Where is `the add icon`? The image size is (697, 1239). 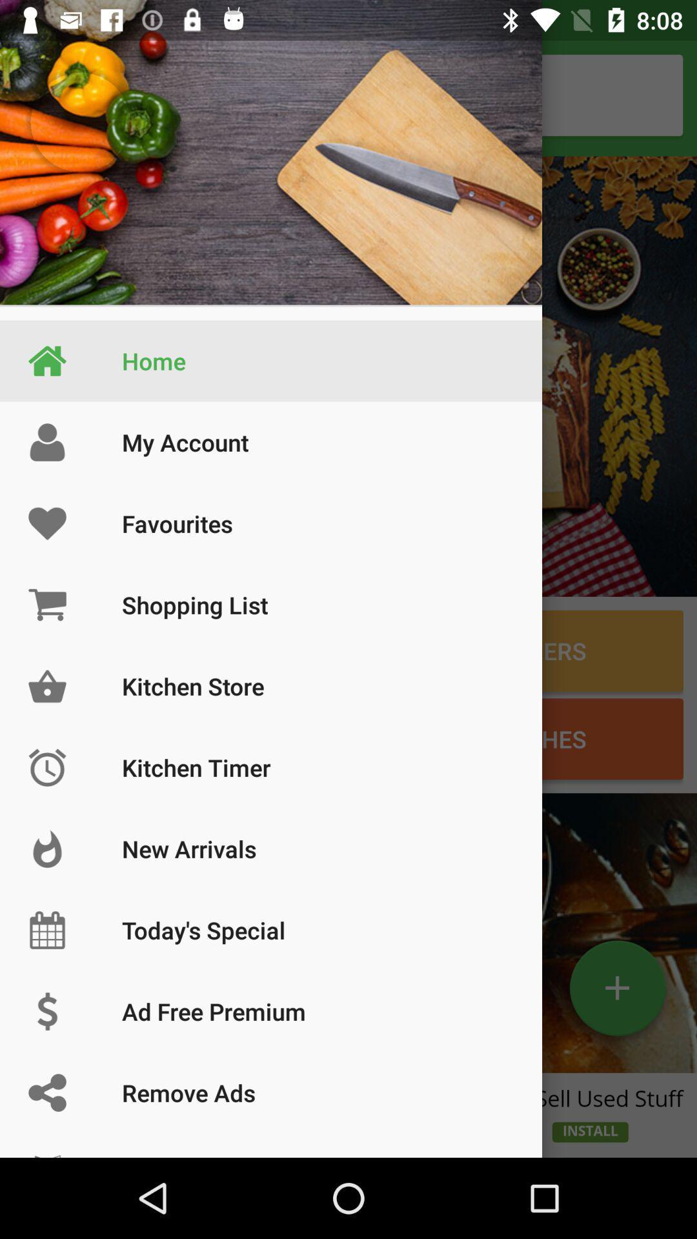
the add icon is located at coordinates (616, 992).